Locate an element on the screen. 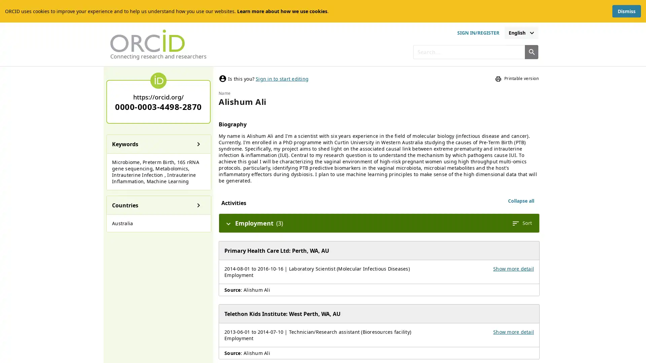 The height and width of the screenshot is (363, 646). Show more detail is located at coordinates (513, 331).